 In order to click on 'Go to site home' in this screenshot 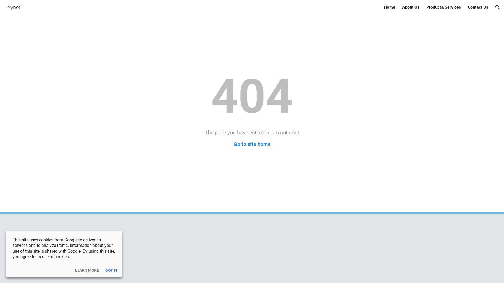, I will do `click(233, 144)`.